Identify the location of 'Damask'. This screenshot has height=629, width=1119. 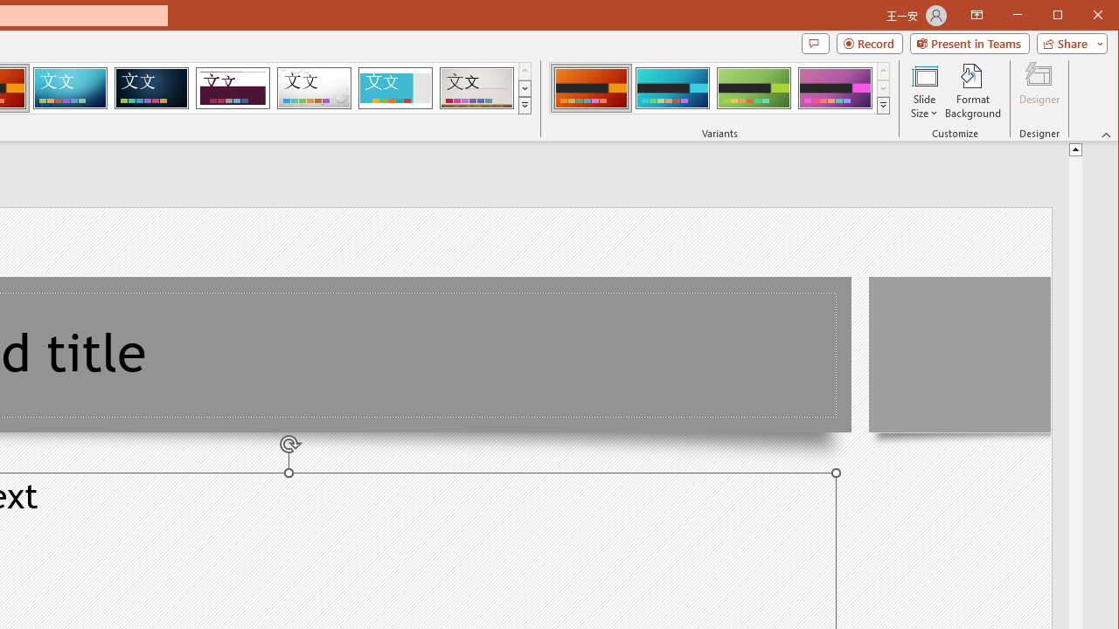
(151, 87).